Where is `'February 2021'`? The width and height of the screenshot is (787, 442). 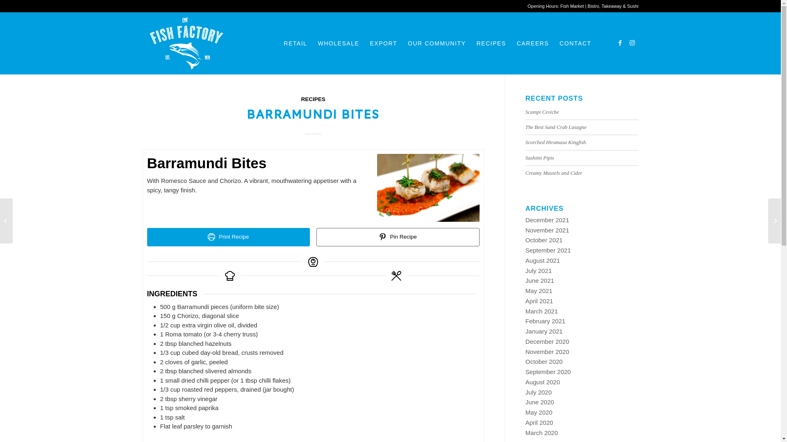 'February 2021' is located at coordinates (545, 320).